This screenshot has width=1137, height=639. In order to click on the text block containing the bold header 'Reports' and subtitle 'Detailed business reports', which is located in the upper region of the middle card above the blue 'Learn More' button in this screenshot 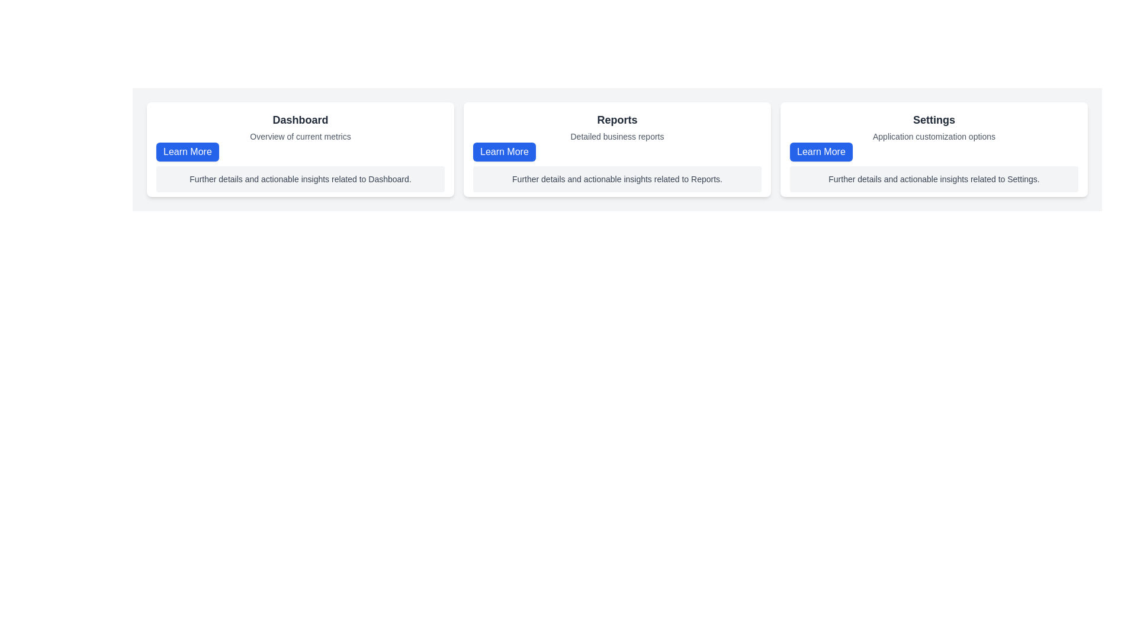, I will do `click(616, 127)`.